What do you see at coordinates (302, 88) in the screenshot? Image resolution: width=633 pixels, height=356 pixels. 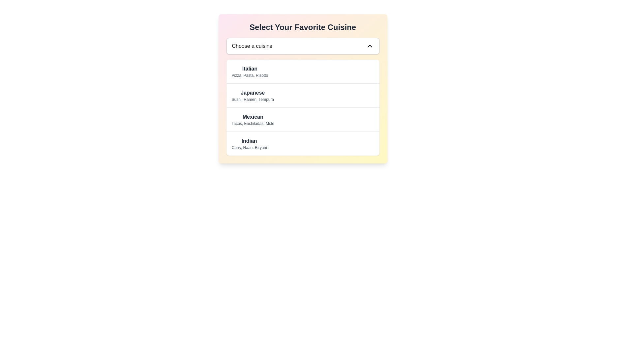 I see `the highlighted list item labeled 'Japanese' within the dropdown menu` at bounding box center [302, 88].